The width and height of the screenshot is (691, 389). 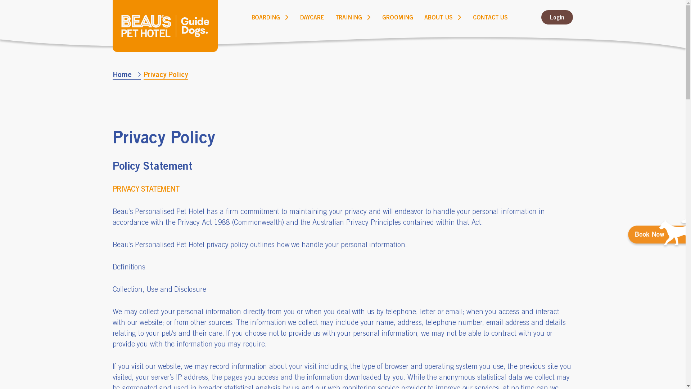 I want to click on 'CONTACT US', so click(x=490, y=17).